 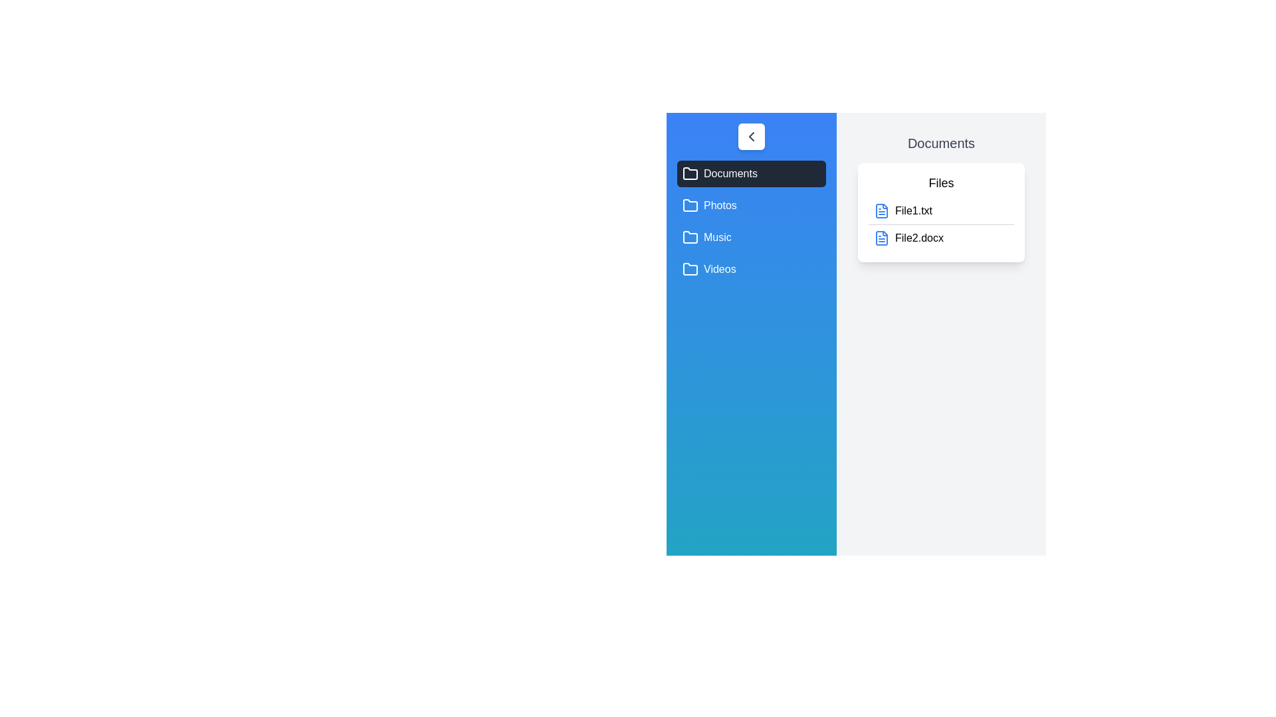 What do you see at coordinates (752, 136) in the screenshot?
I see `the drawer toggle button to toggle its open or close state` at bounding box center [752, 136].